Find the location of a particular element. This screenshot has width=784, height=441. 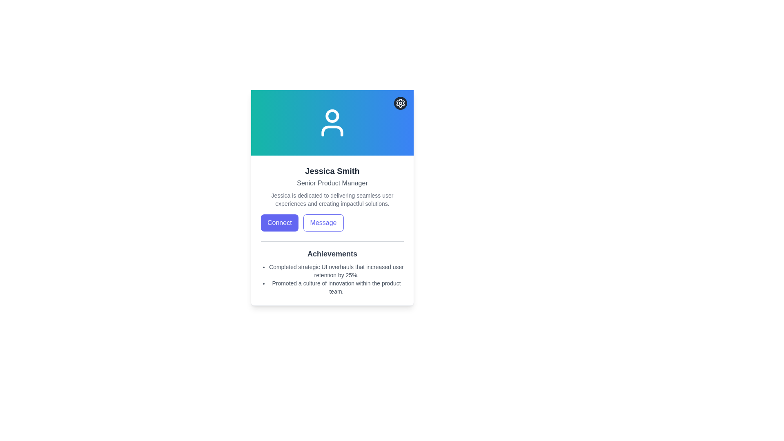

the static text block that provides a brief description of Jessica's professional philosophy and focus areas, located beneath the title 'Senior Product Manager' within the profile card is located at coordinates (332, 200).